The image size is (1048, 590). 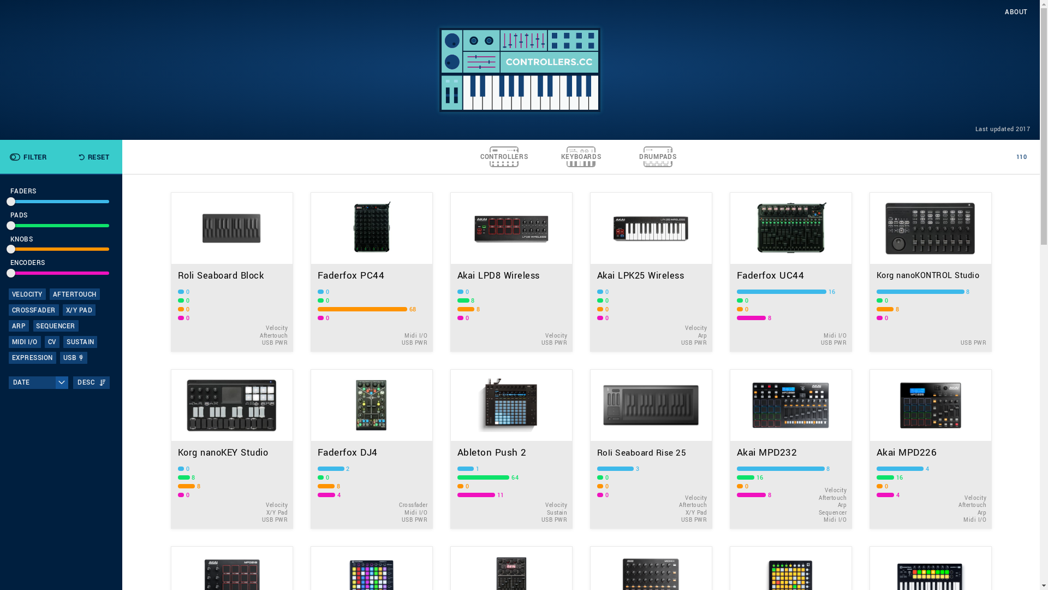 What do you see at coordinates (55, 325) in the screenshot?
I see `'SEQUENCER'` at bounding box center [55, 325].